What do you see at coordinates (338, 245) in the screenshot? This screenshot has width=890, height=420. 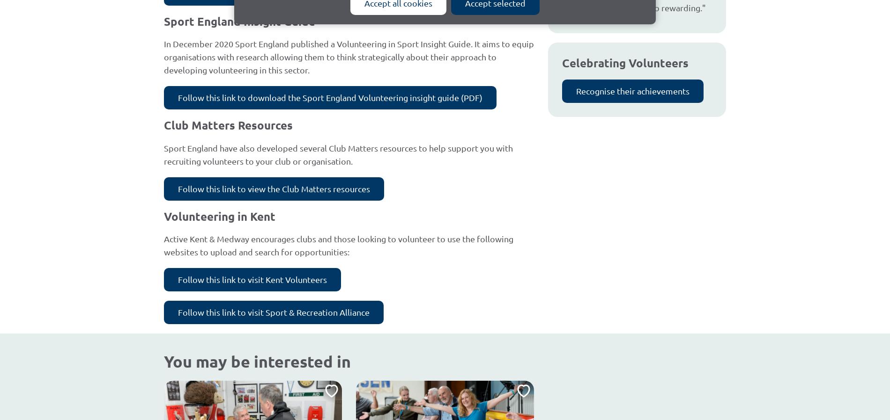 I see `'Active Kent & Medway encourages clubs and those looking to volunteer to use the following websites to upload and search for opportunities:'` at bounding box center [338, 245].